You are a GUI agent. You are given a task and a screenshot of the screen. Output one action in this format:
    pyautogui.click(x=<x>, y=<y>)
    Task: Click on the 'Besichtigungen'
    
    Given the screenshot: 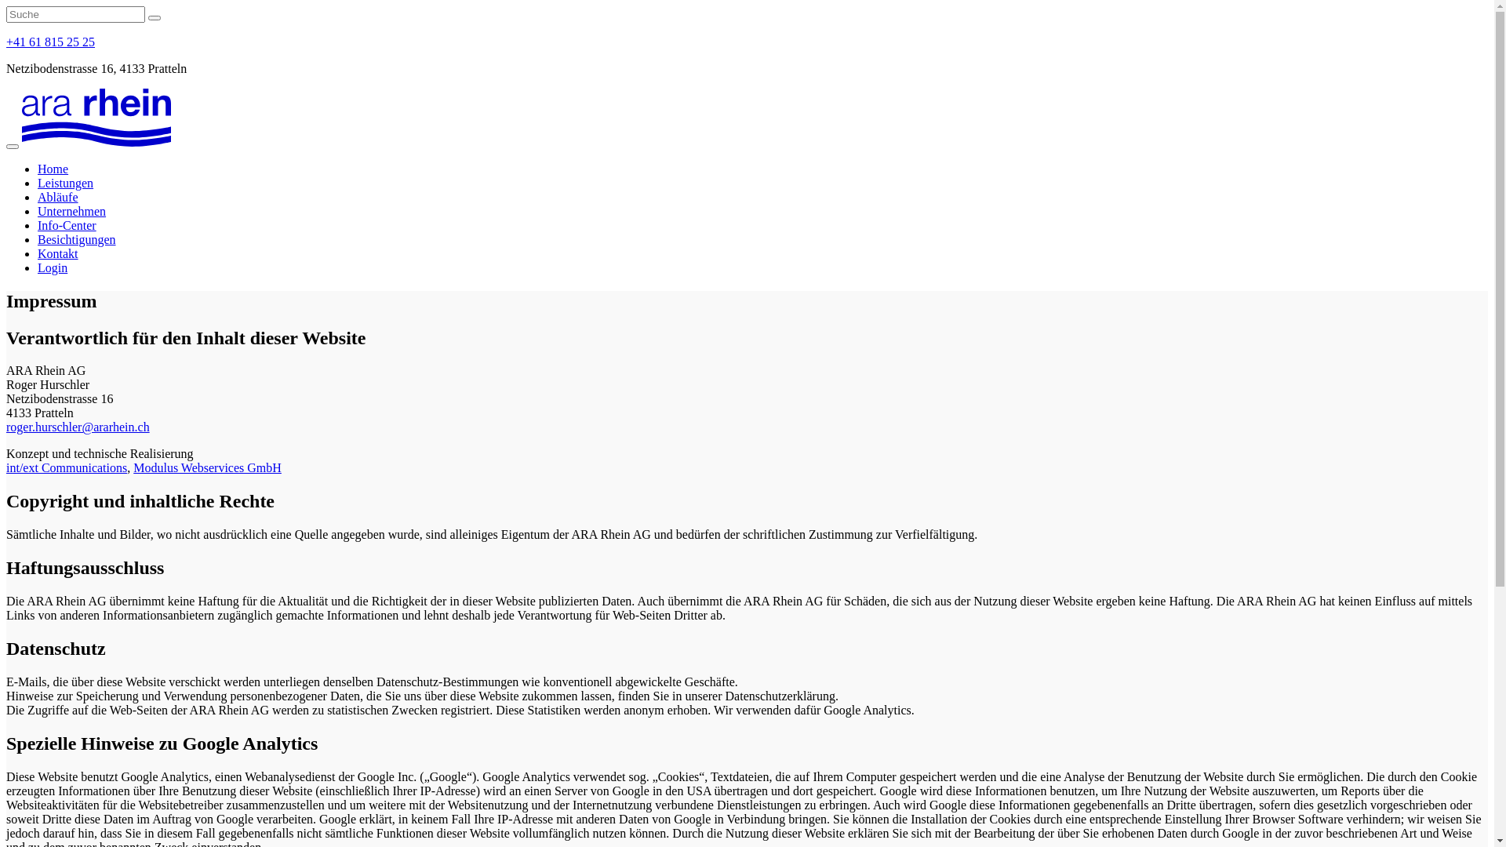 What is the action you would take?
    pyautogui.click(x=75, y=239)
    